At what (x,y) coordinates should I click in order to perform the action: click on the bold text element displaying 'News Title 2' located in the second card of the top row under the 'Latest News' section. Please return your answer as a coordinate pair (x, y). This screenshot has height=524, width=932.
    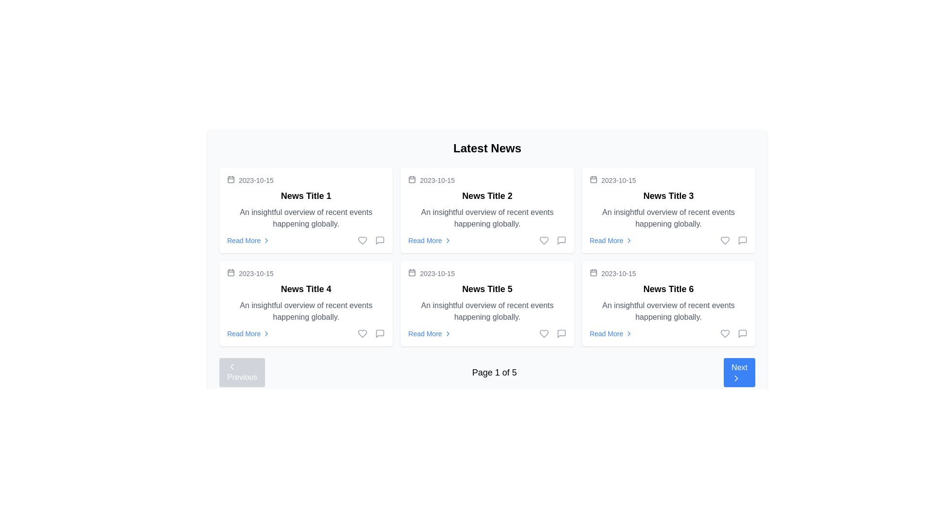
    Looking at the image, I should click on (487, 196).